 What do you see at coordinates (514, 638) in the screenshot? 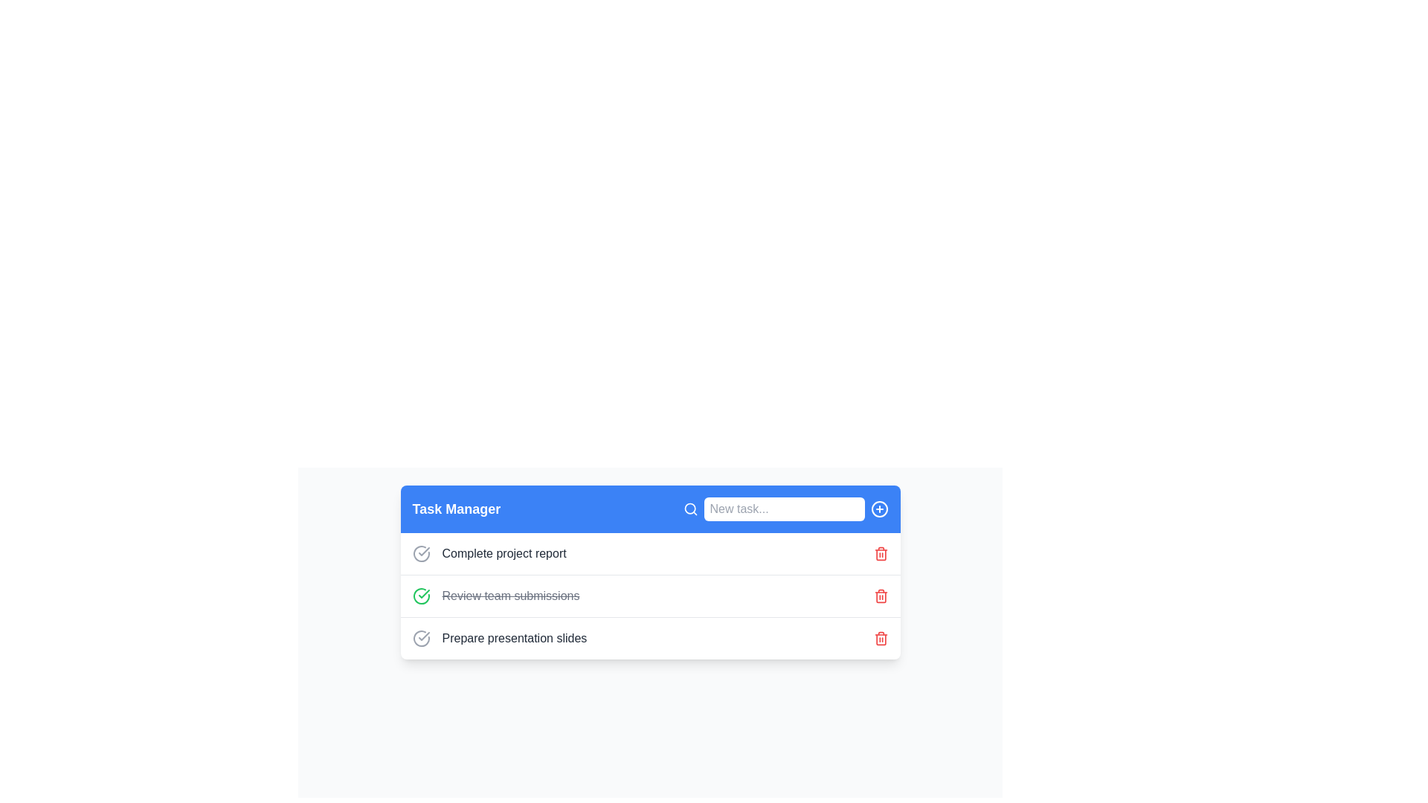
I see `the third text label in the task management list which represents a to-do item, located below 'Complete project report' and 'Review team submissions'` at bounding box center [514, 638].